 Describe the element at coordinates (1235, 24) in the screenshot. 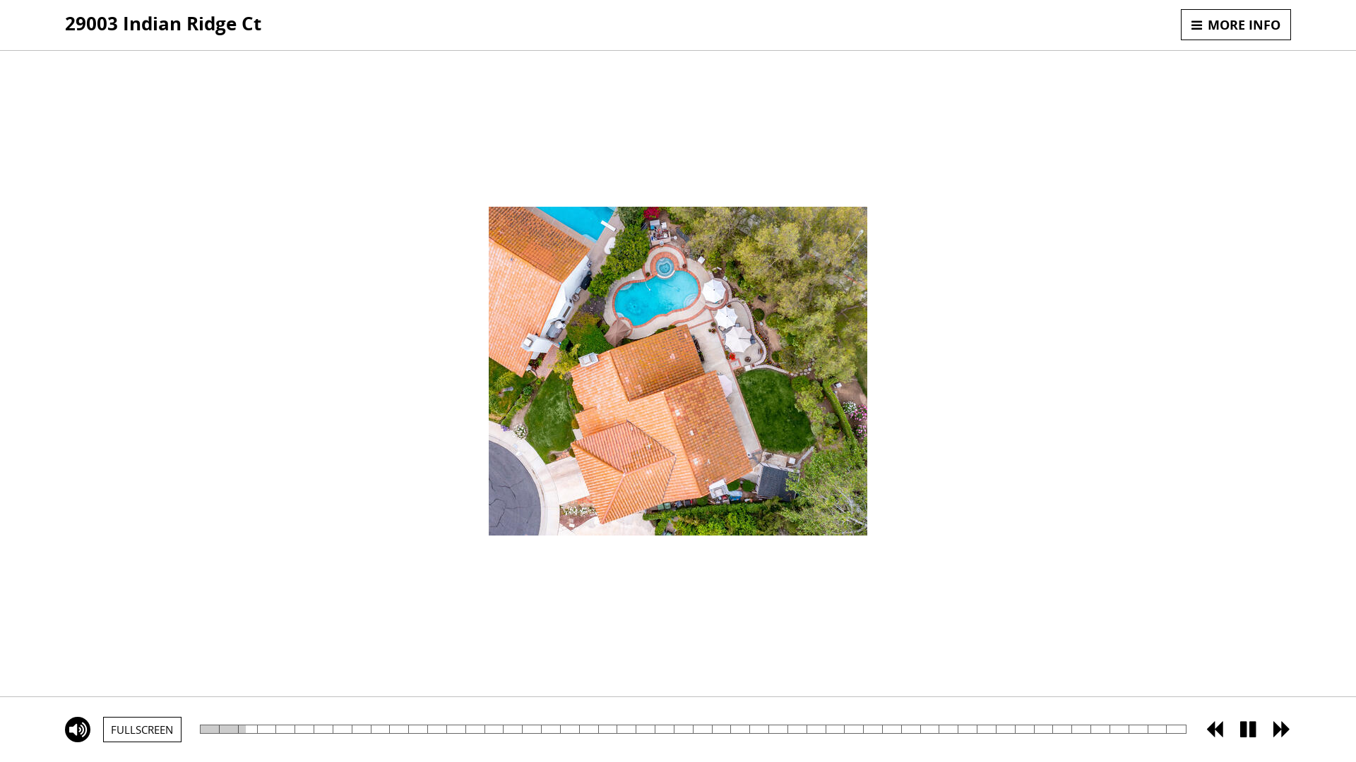

I see `'MORE INFO'` at that location.